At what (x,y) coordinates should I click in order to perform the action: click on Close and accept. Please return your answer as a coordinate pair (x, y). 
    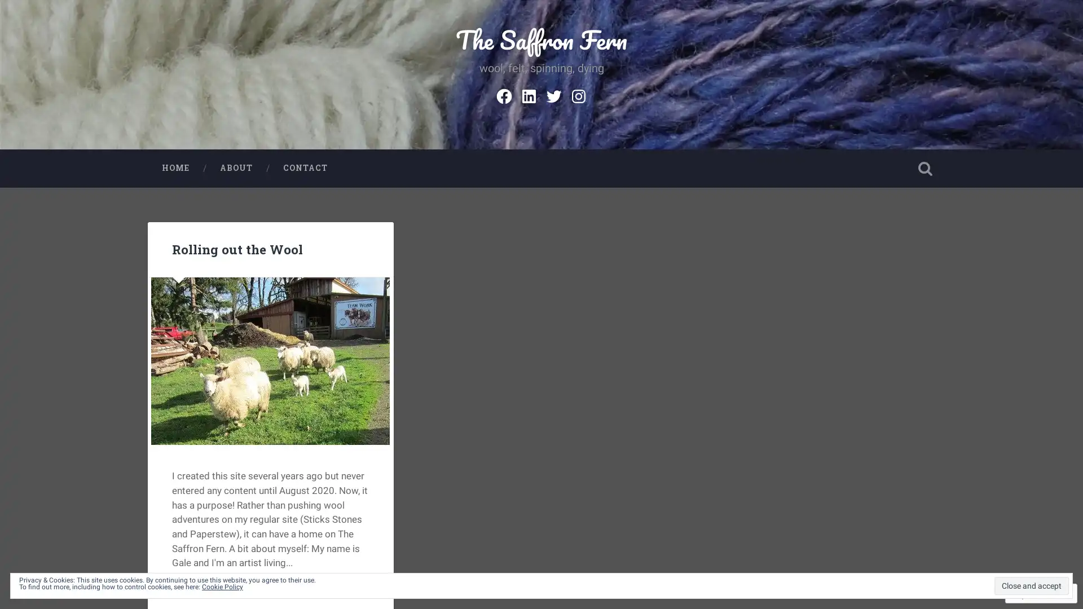
    Looking at the image, I should click on (1031, 585).